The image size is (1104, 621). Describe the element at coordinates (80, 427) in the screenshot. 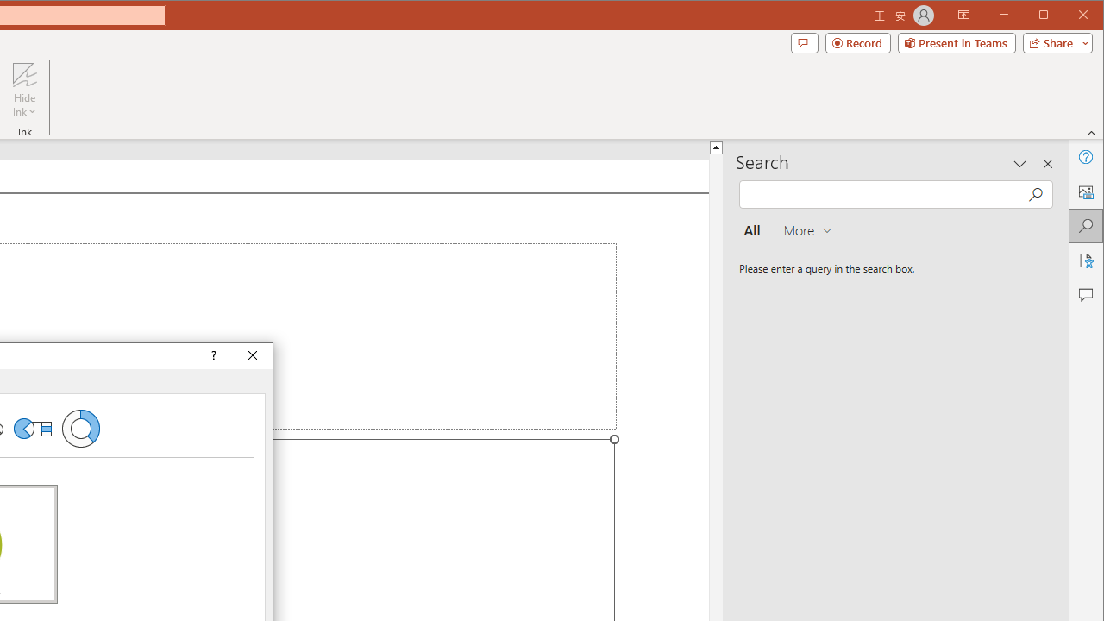

I see `'Doughnut'` at that location.